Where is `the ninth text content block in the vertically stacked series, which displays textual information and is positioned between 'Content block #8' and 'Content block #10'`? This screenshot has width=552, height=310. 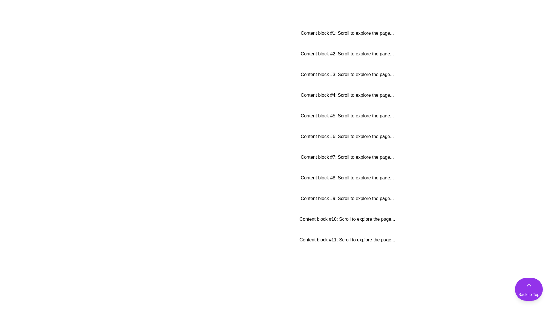 the ninth text content block in the vertically stacked series, which displays textual information and is positioned between 'Content block #8' and 'Content block #10' is located at coordinates (347, 198).